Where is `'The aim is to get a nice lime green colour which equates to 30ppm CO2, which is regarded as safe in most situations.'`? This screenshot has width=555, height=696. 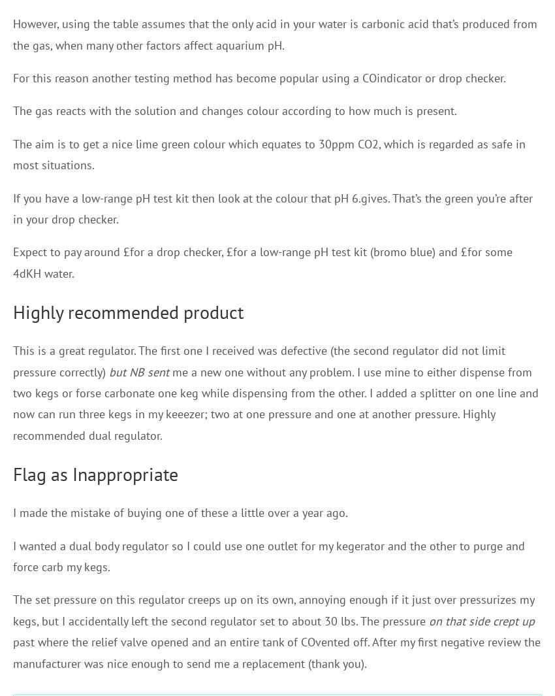
'The aim is to get a nice lime green colour which equates to 30ppm CO2, which is regarded as safe in most situations.' is located at coordinates (12, 154).